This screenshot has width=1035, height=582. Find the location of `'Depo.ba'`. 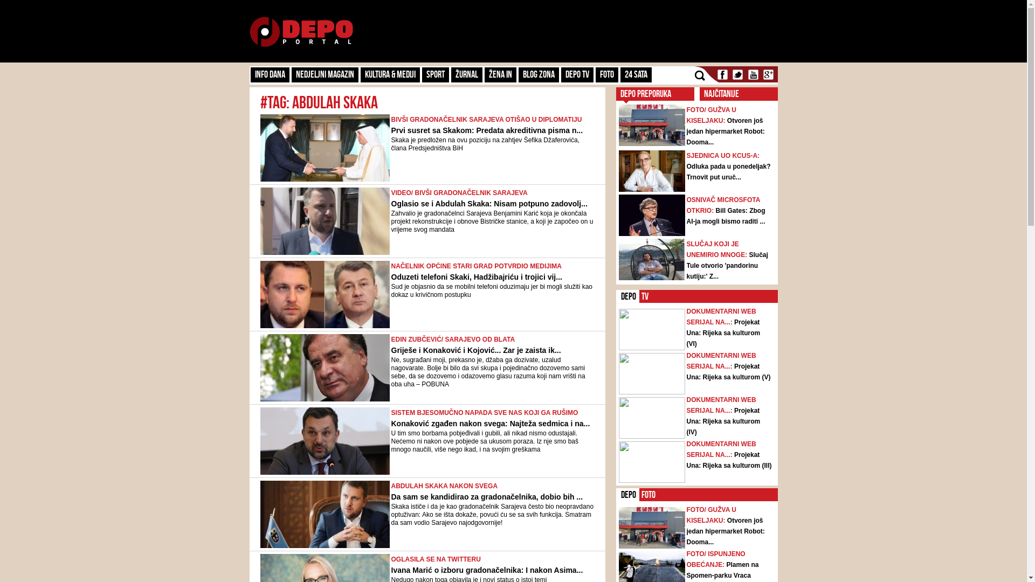

'Depo.ba' is located at coordinates (301, 31).